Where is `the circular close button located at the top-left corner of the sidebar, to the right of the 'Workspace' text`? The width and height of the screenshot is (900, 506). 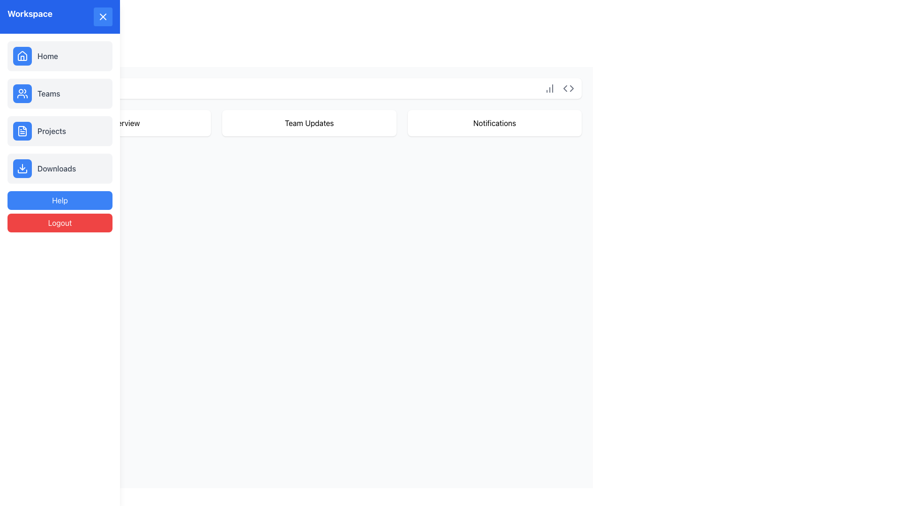
the circular close button located at the top-left corner of the sidebar, to the right of the 'Workspace' text is located at coordinates (18, 18).